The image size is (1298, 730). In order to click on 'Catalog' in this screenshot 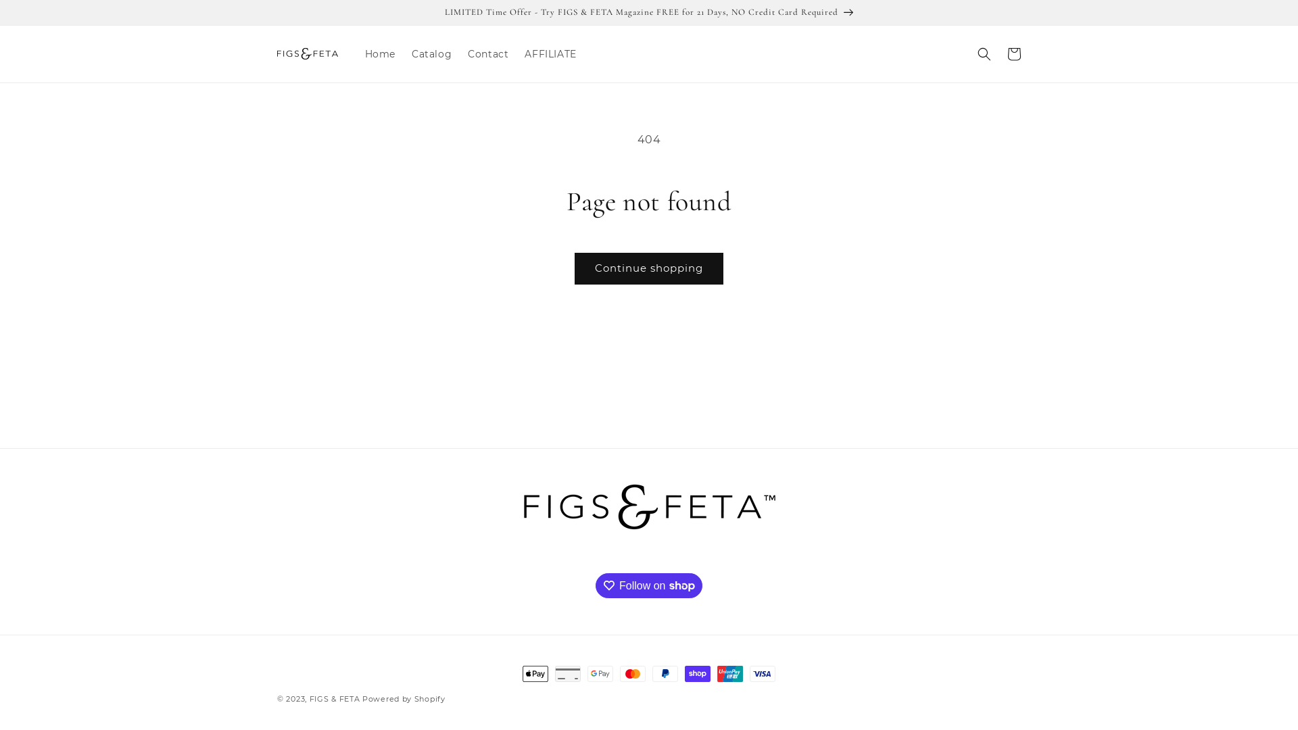, I will do `click(431, 53)`.